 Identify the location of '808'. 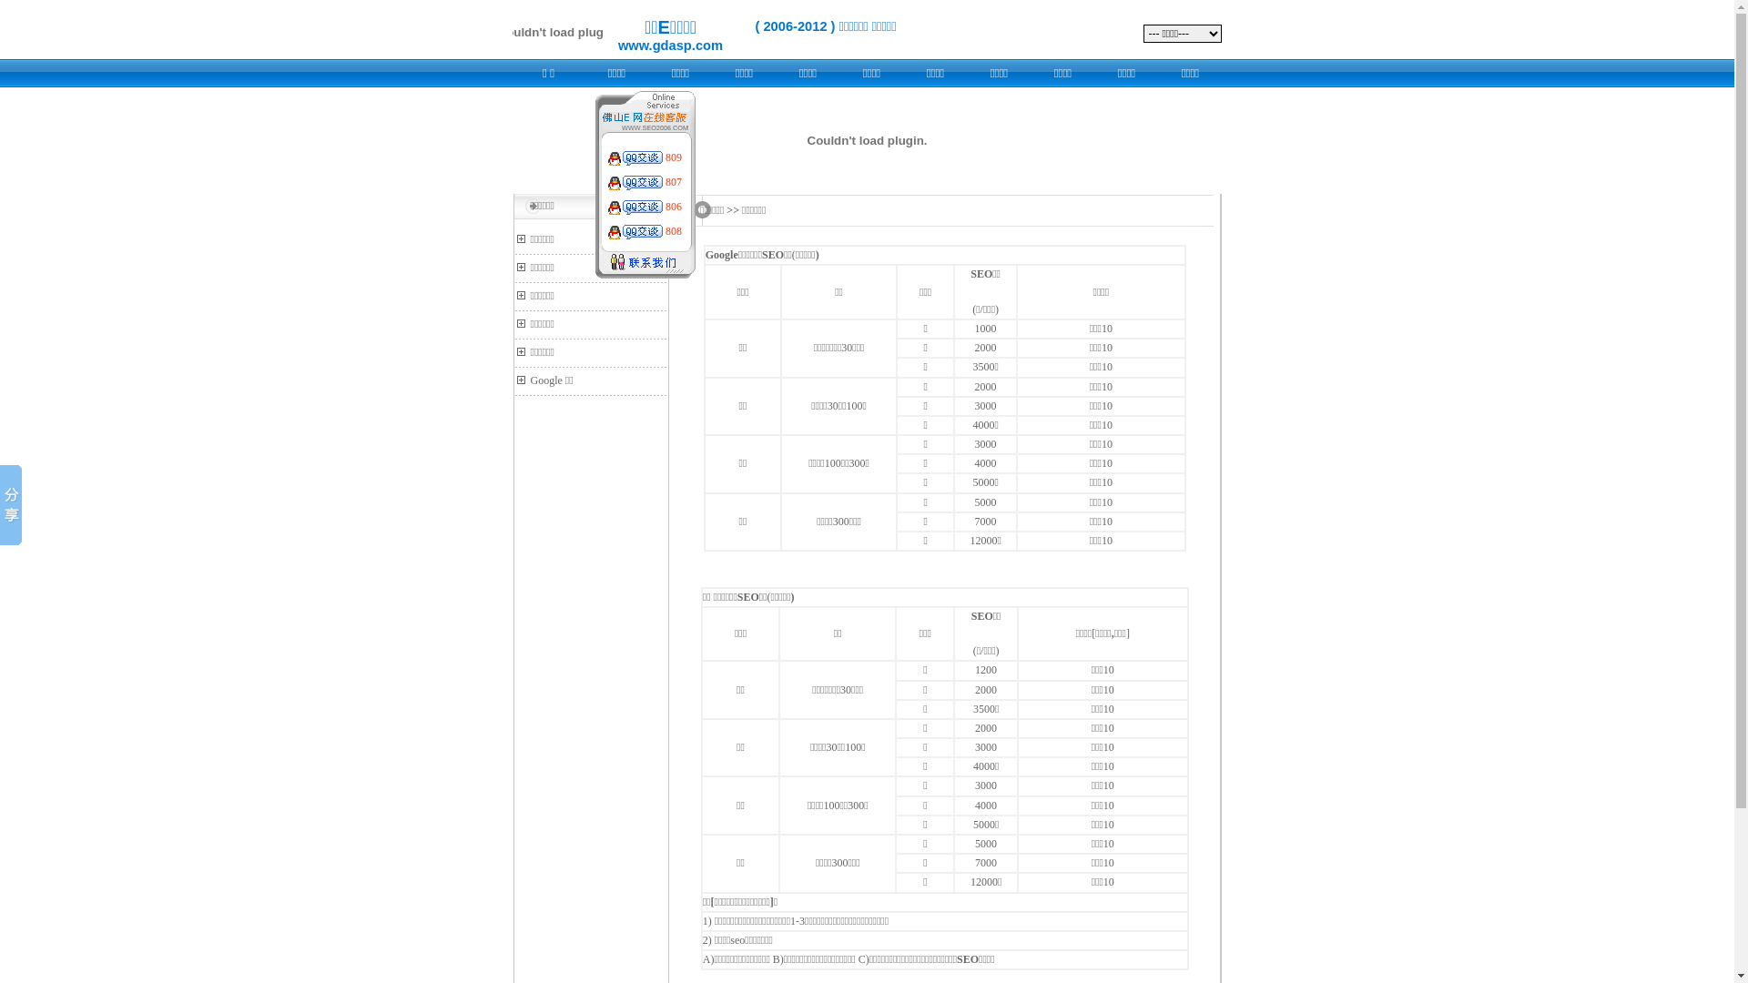
(672, 230).